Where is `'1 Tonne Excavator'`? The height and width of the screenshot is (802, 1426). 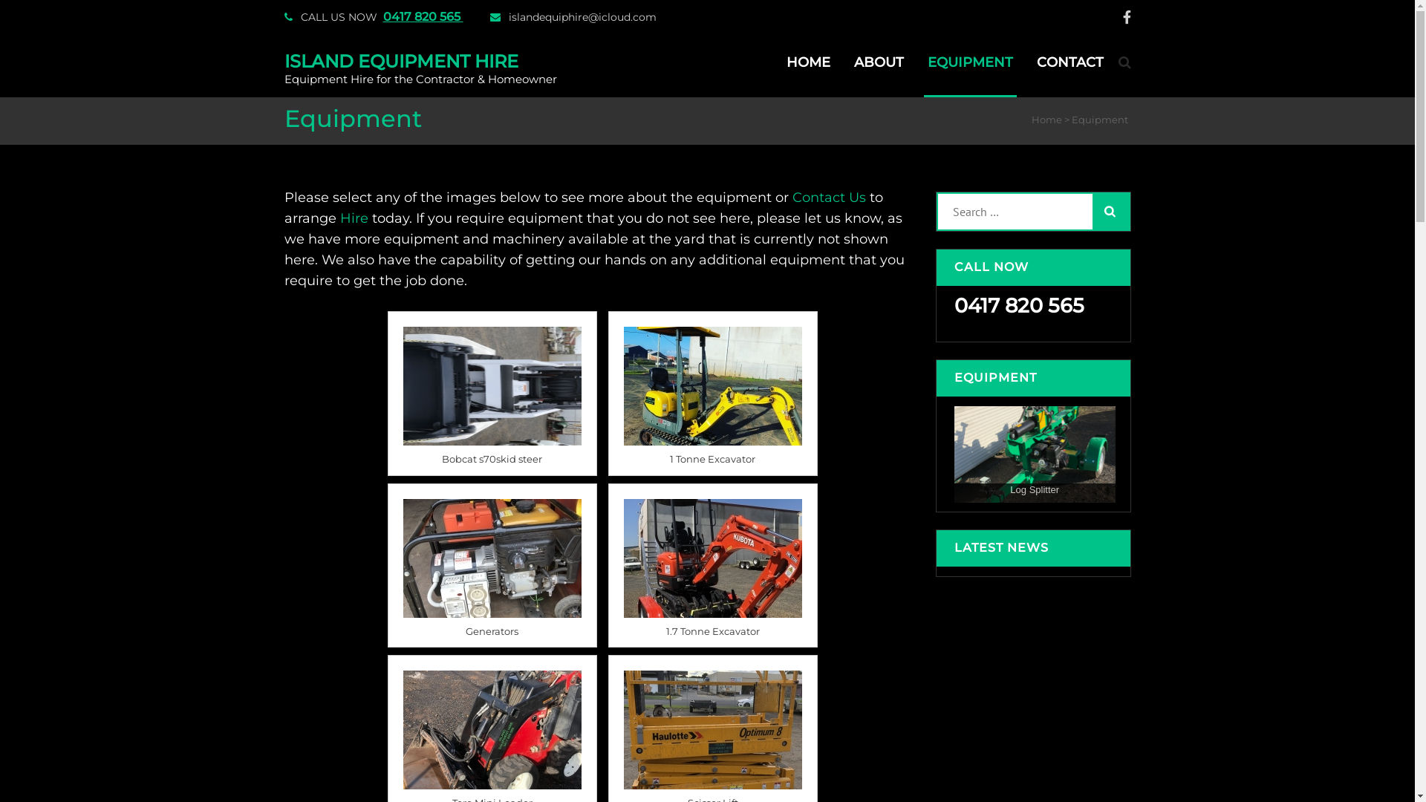
'1 Tonne Excavator' is located at coordinates (713, 460).